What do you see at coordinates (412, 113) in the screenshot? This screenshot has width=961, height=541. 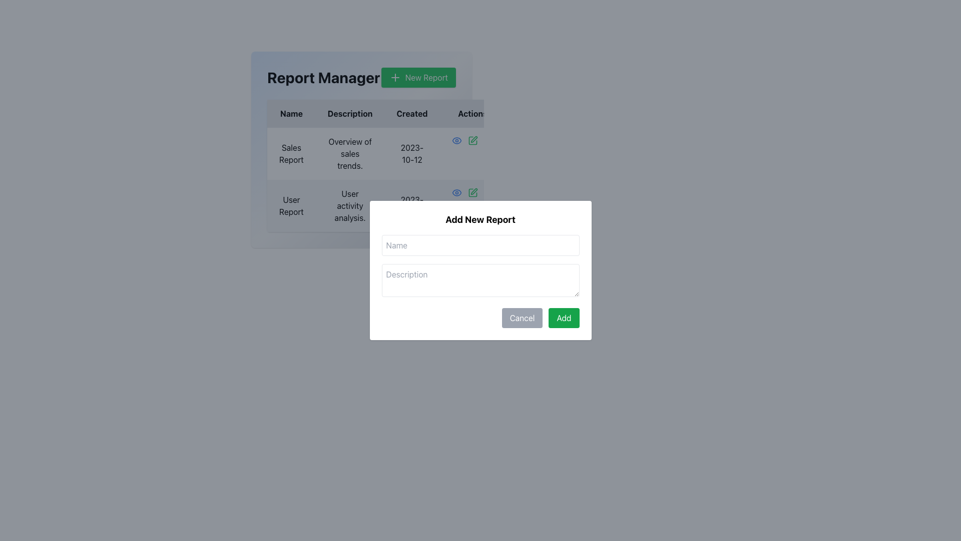 I see `the header text label indicating the creation date of records in the table, which is the third column between 'Description' and 'Actions' labels` at bounding box center [412, 113].